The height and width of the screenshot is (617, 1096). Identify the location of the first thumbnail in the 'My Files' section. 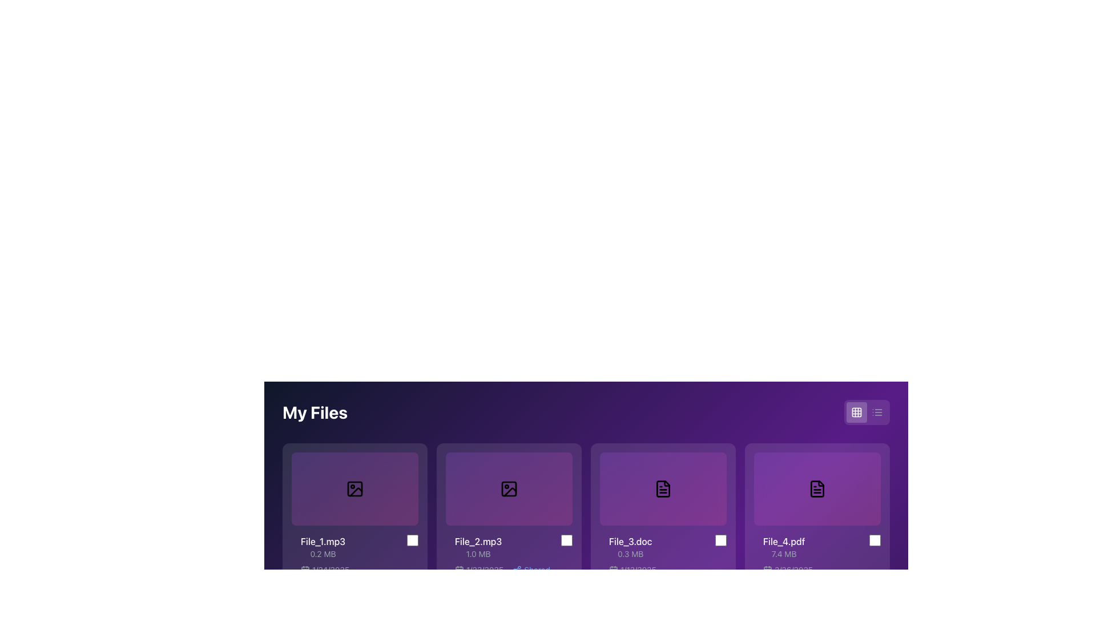
(354, 488).